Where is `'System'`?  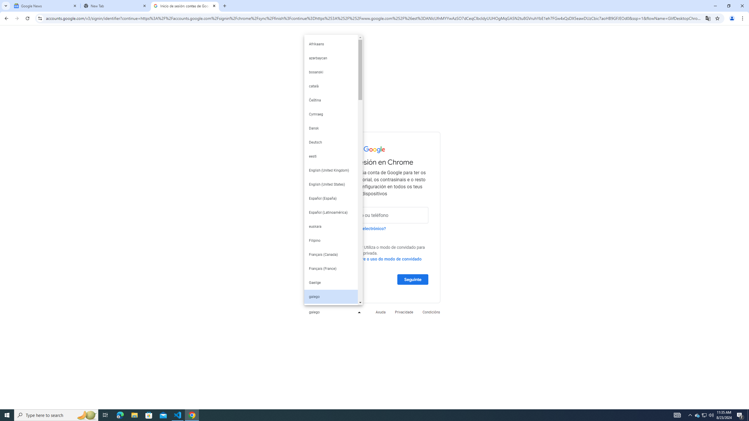 'System' is located at coordinates (3, 3).